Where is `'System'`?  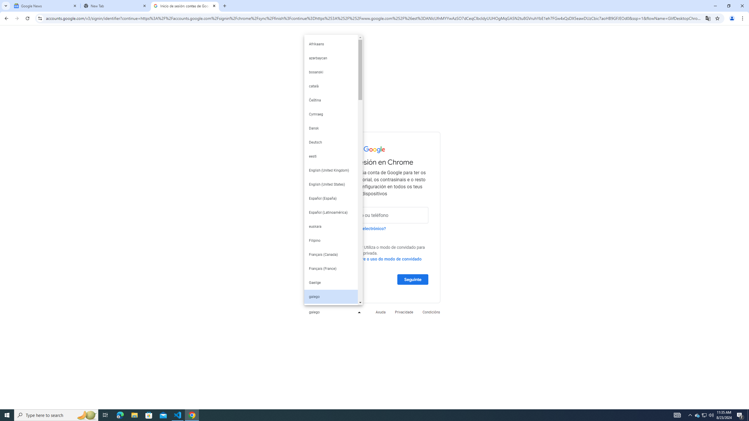 'System' is located at coordinates (3, 3).